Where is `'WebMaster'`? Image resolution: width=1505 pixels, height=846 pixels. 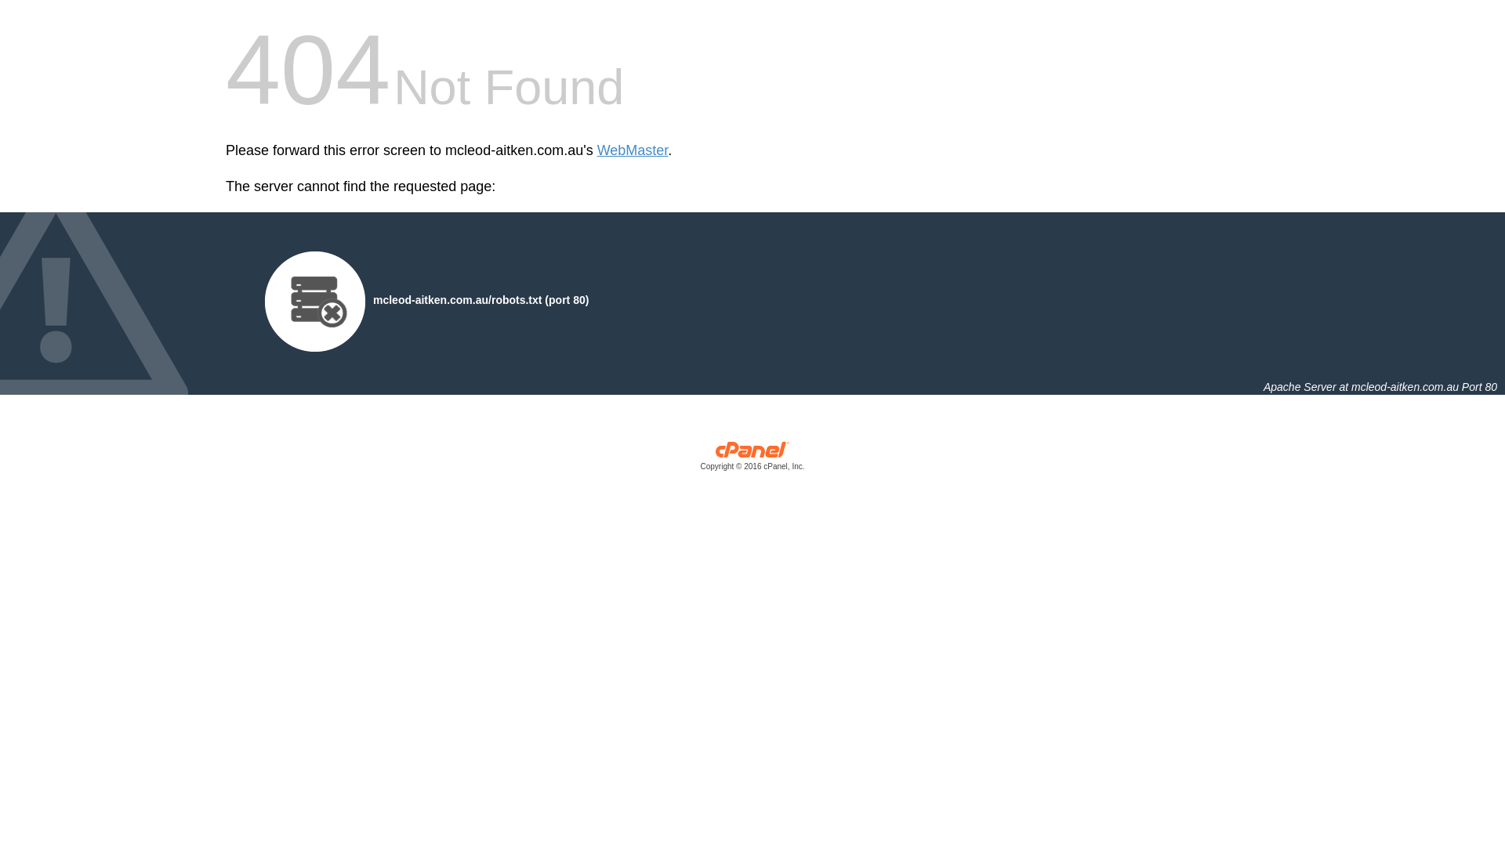 'WebMaster' is located at coordinates (633, 150).